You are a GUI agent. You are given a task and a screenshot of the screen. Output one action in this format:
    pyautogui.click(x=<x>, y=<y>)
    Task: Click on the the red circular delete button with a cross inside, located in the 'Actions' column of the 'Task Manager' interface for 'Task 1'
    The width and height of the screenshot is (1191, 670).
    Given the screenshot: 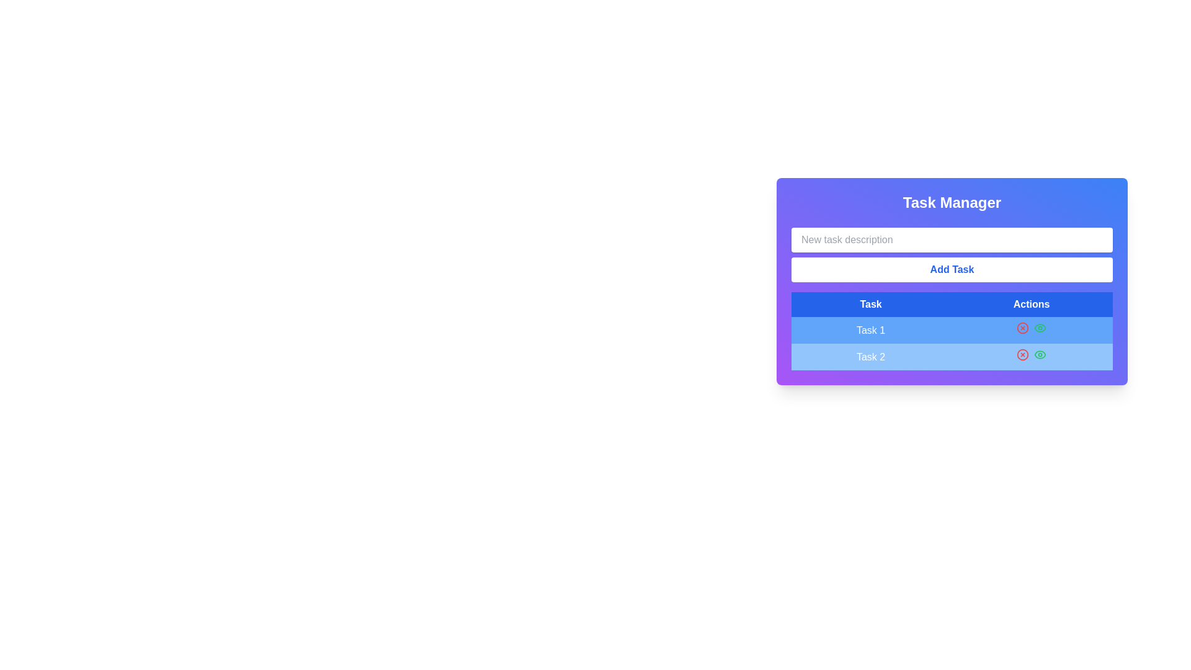 What is the action you would take?
    pyautogui.click(x=1023, y=327)
    